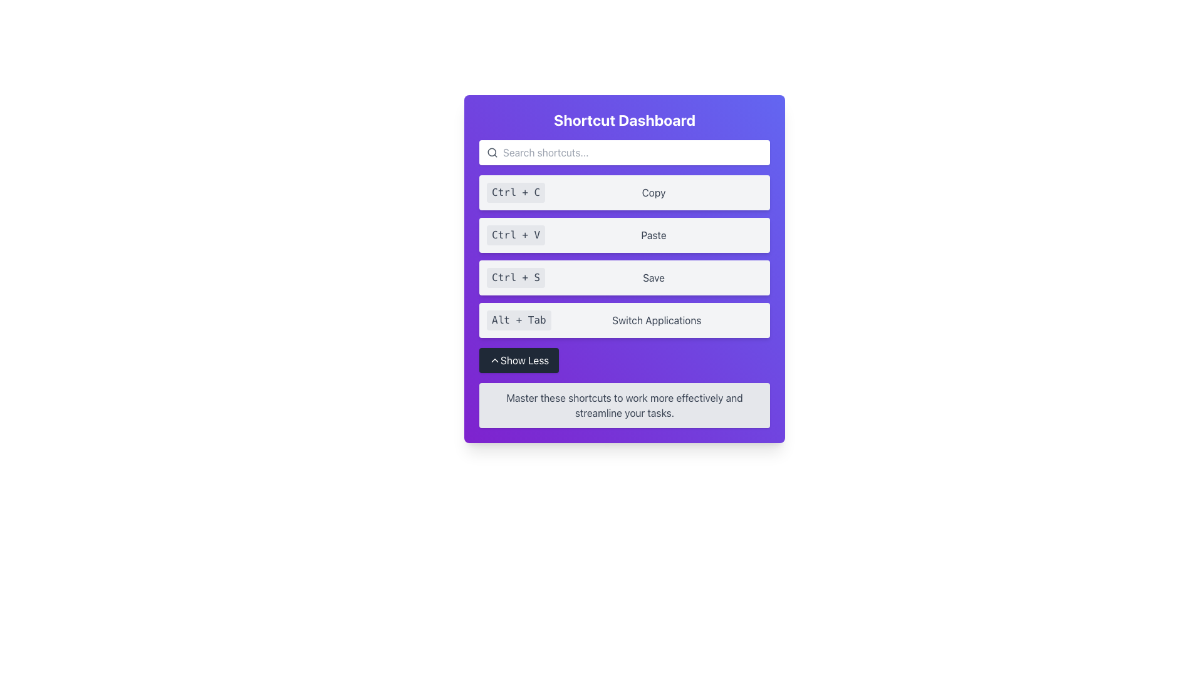  I want to click on the informational display that shows 'Ctrl + V' on the left and 'Paste' on the right, which is the second item in the Shortcut Dashboard list, so click(625, 235).